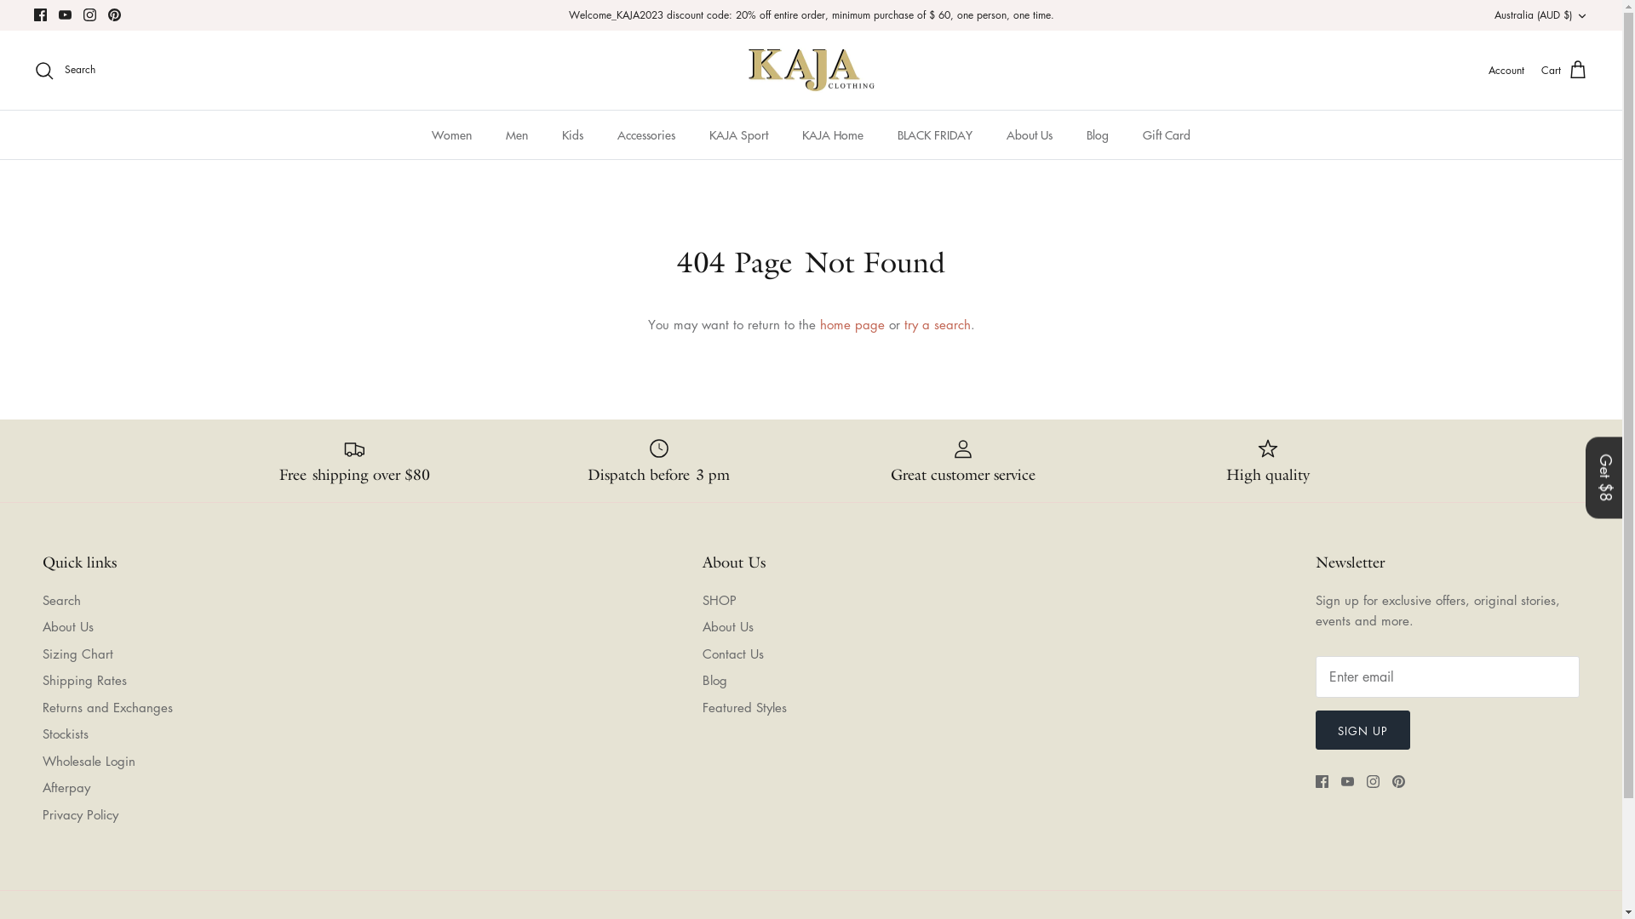 Image resolution: width=1635 pixels, height=919 pixels. Describe the element at coordinates (1366, 781) in the screenshot. I see `'Instagram'` at that location.